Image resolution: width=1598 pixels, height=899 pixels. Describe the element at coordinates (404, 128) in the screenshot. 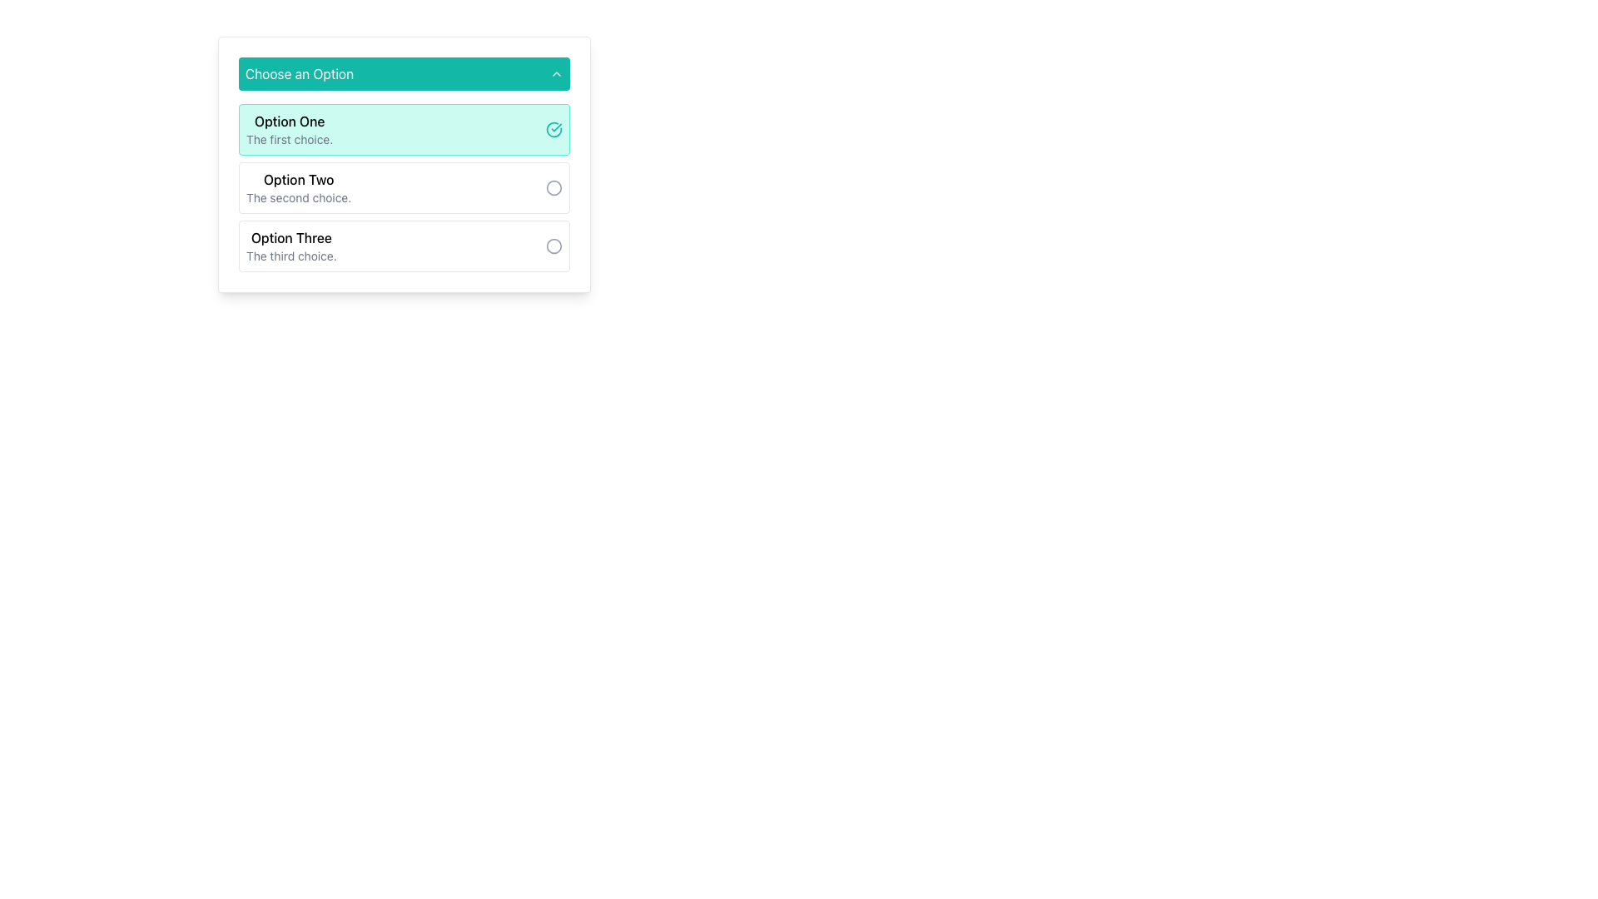

I see `the first clickable list item representing 'Option One' in the vertically stacked group of choices` at that location.